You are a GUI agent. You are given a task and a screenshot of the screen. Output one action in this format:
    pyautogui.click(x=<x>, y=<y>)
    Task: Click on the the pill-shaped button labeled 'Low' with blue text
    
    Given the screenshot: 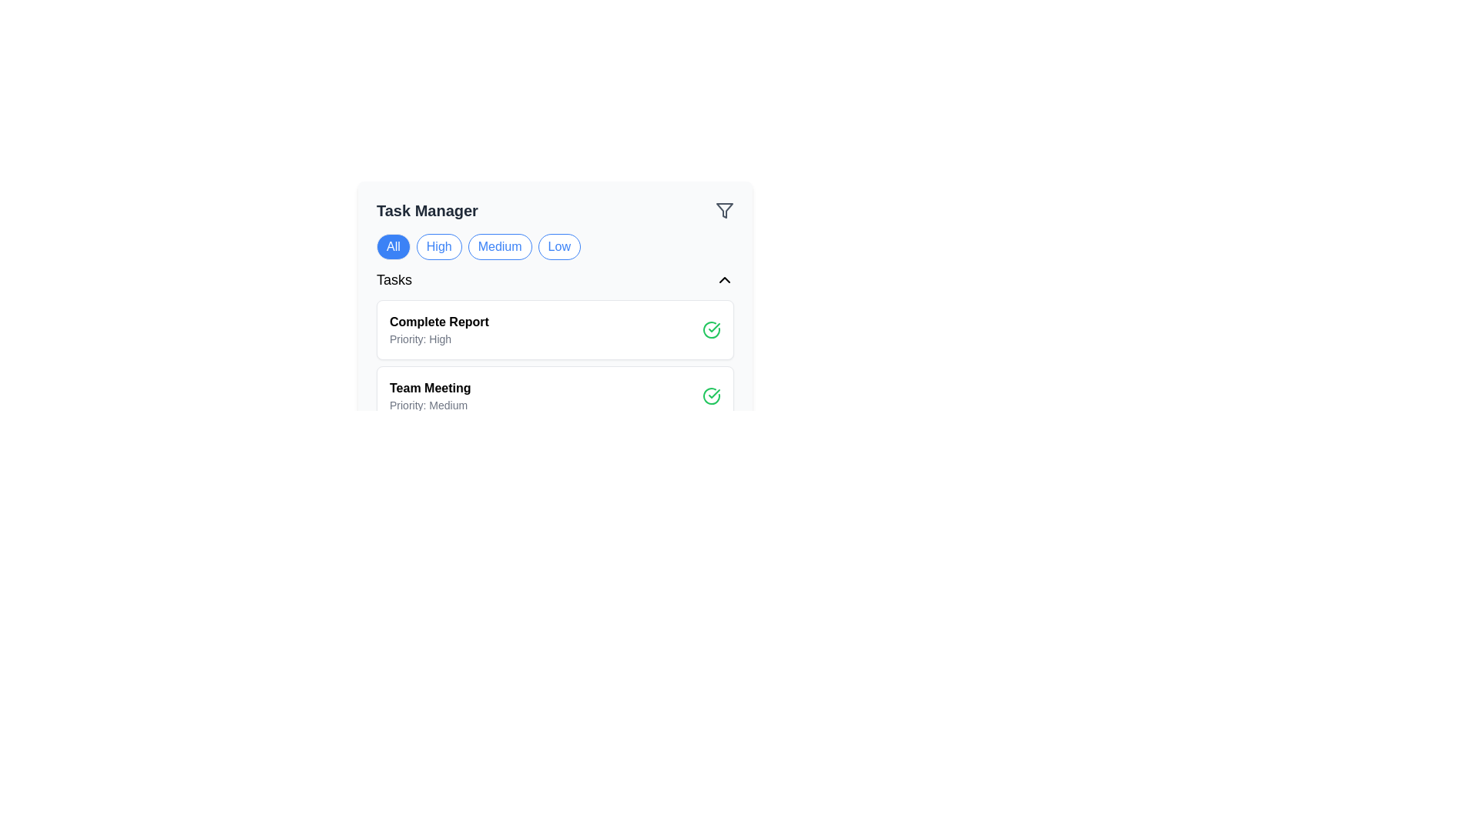 What is the action you would take?
    pyautogui.click(x=558, y=245)
    